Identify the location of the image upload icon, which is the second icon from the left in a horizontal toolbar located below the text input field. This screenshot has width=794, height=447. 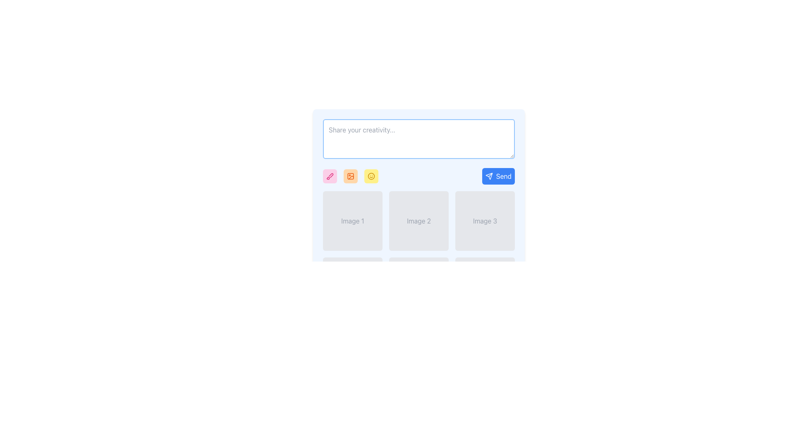
(351, 175).